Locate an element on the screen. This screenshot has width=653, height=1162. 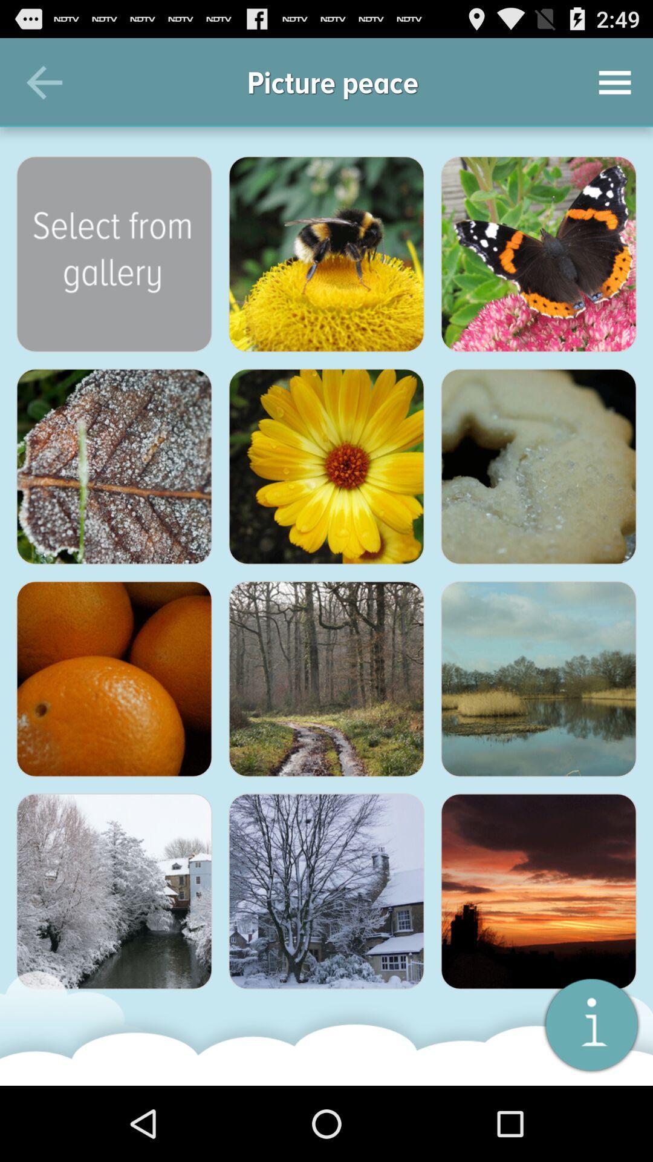
choose the pitcher is located at coordinates (114, 254).